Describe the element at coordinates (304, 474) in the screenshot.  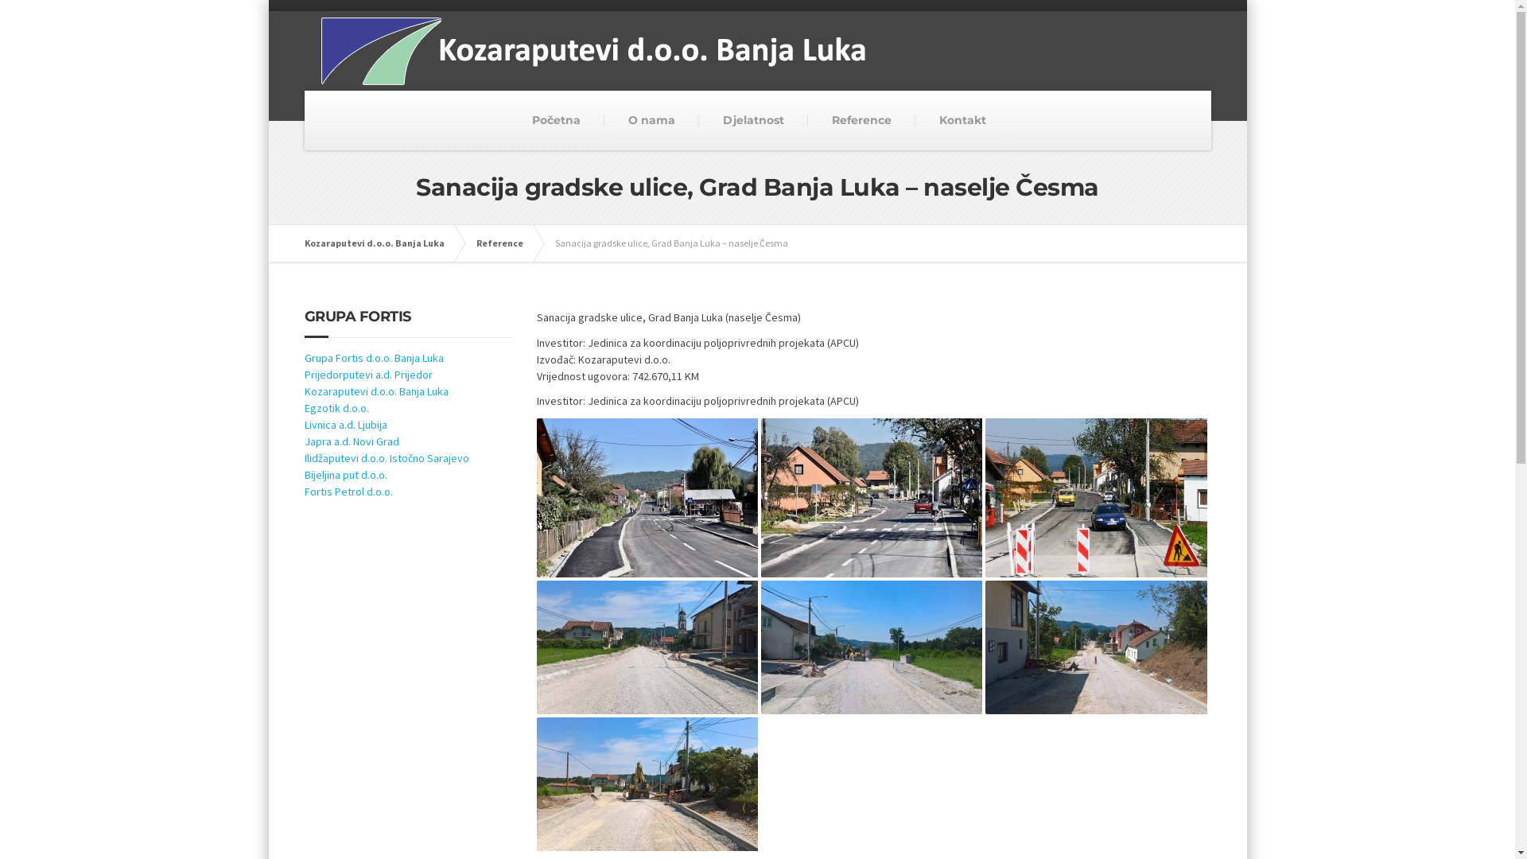
I see `'Bijeljina put d.o.o.'` at that location.